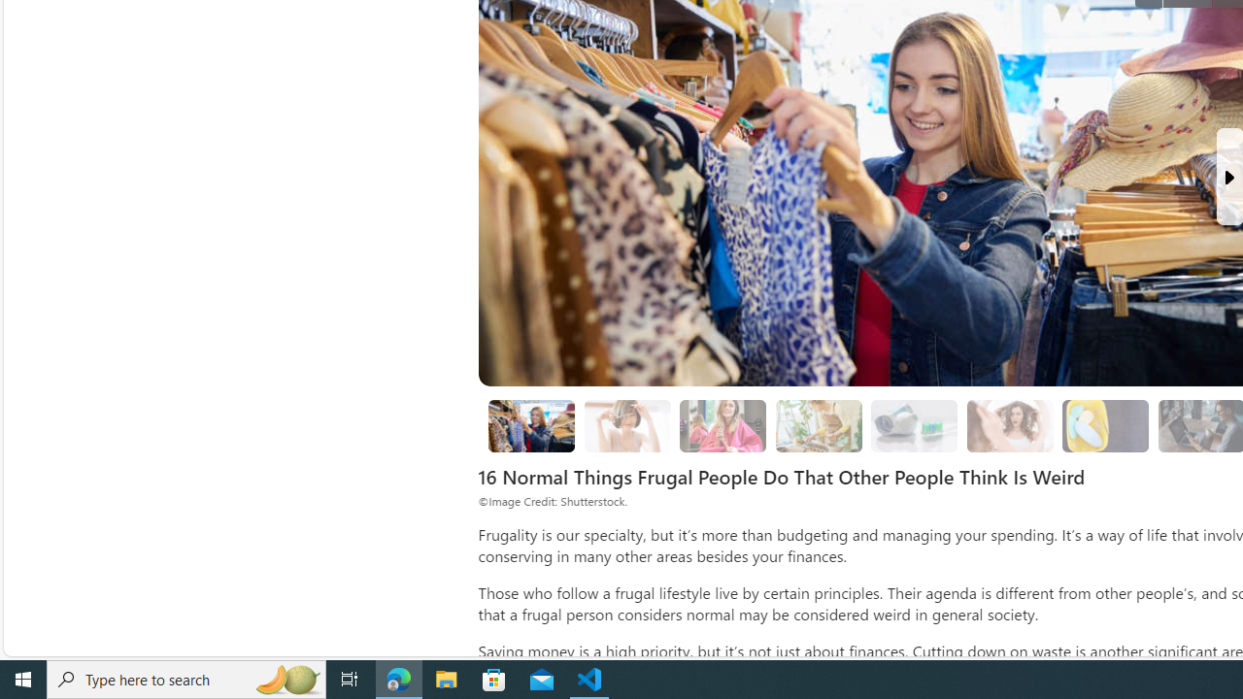 The image size is (1243, 699). What do you see at coordinates (819, 425) in the screenshot?
I see `'3. Growing From Seeds'` at bounding box center [819, 425].